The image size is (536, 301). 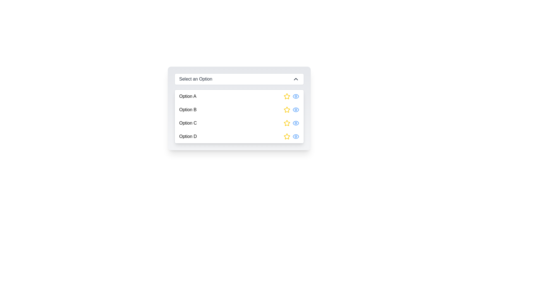 I want to click on the 'Option D' in the dropdown list, so click(x=239, y=136).